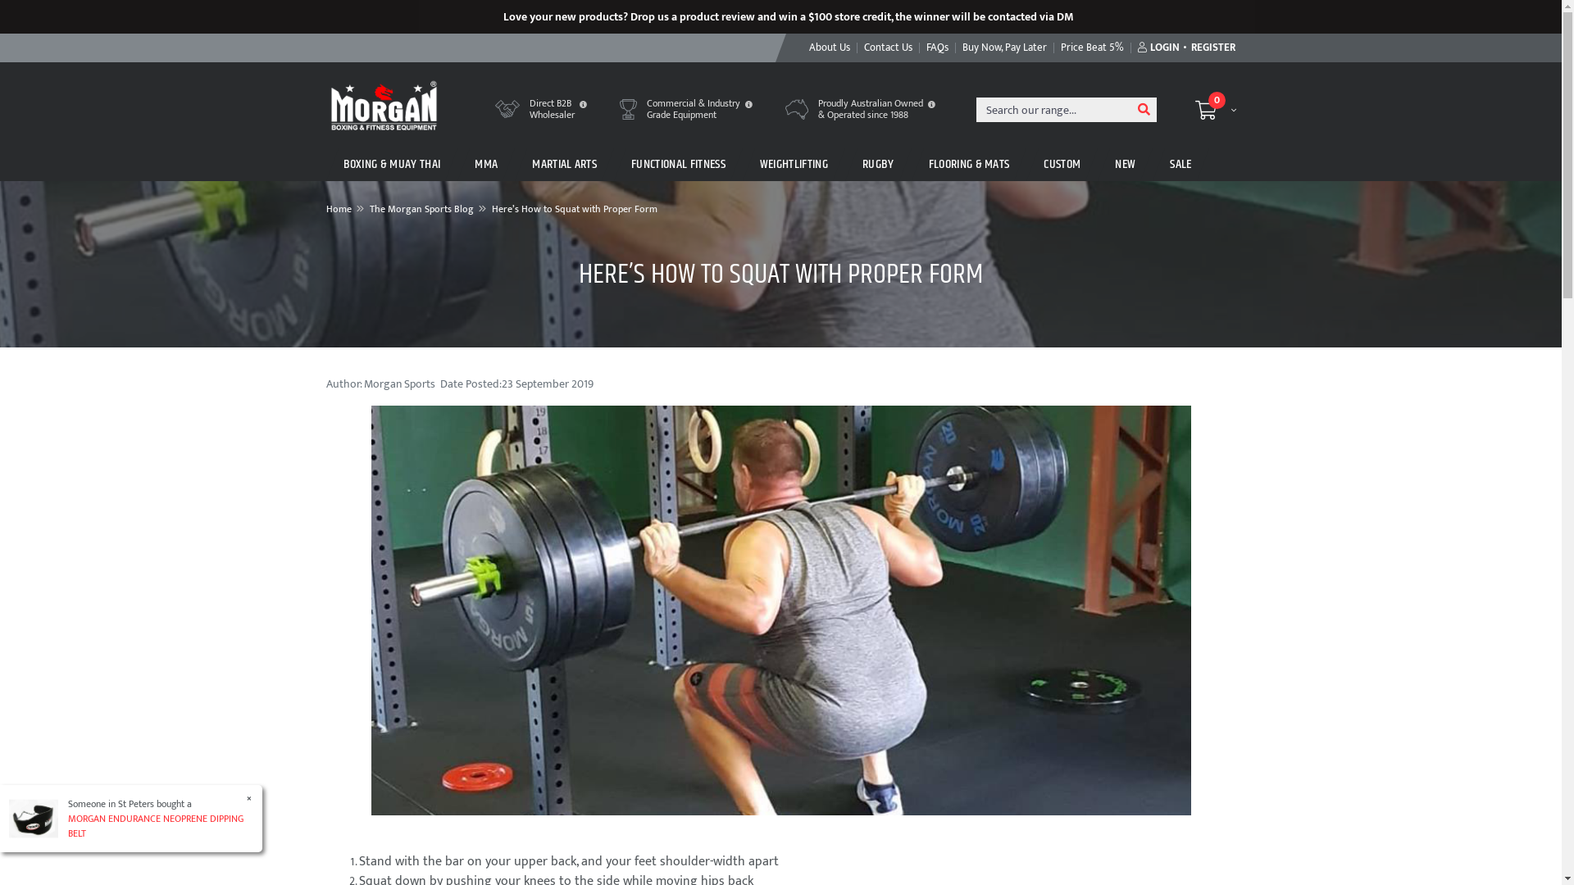  I want to click on 'The Morgan Sports Blog', so click(421, 207).